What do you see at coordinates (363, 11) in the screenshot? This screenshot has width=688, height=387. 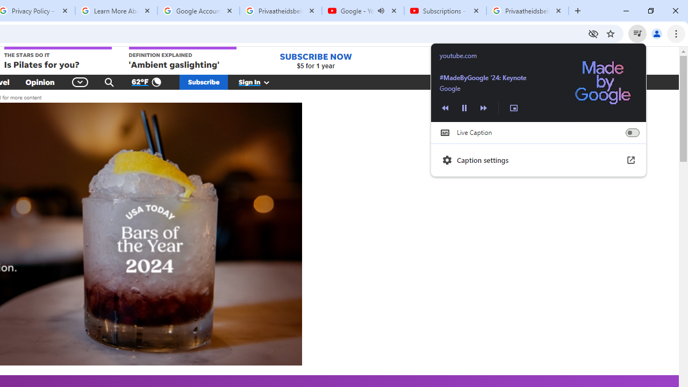 I see `'Google - YouTube - Audio playing'` at bounding box center [363, 11].